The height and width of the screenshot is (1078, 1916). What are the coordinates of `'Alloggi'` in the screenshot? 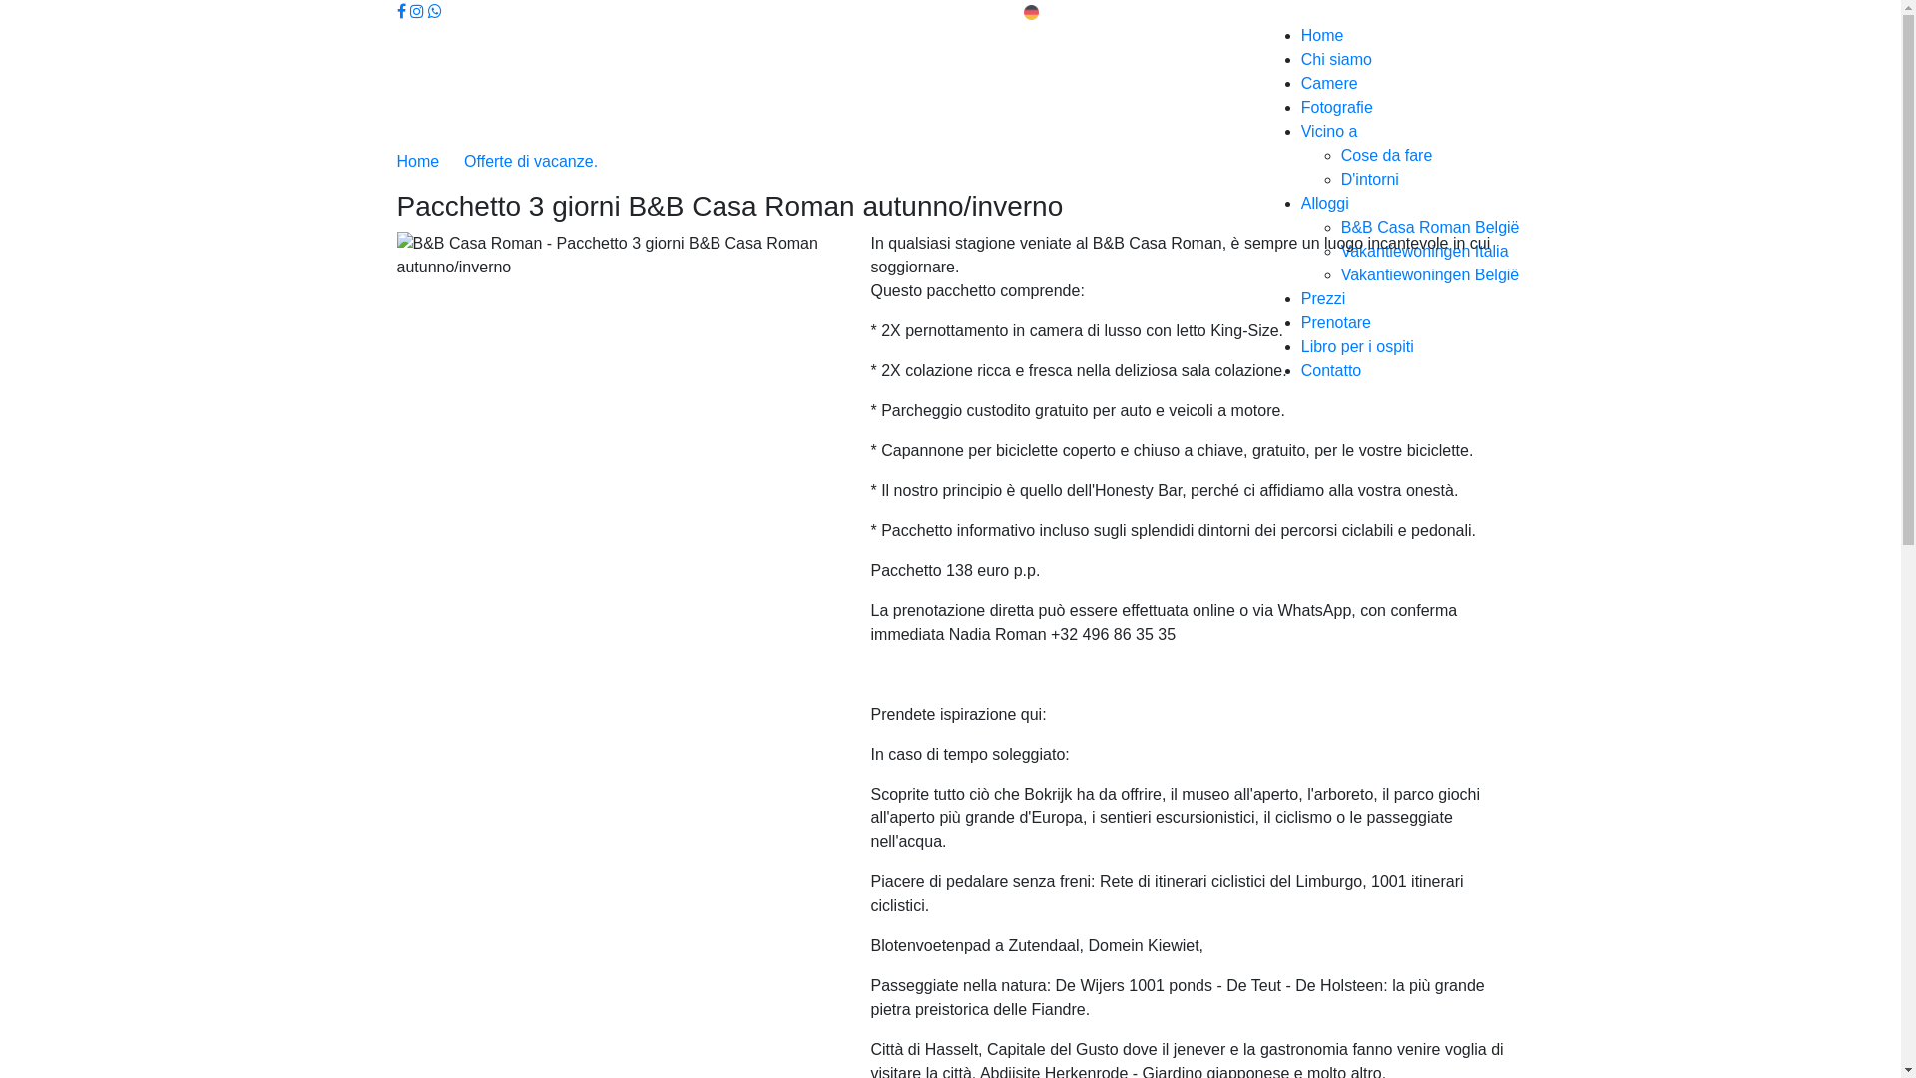 It's located at (1325, 203).